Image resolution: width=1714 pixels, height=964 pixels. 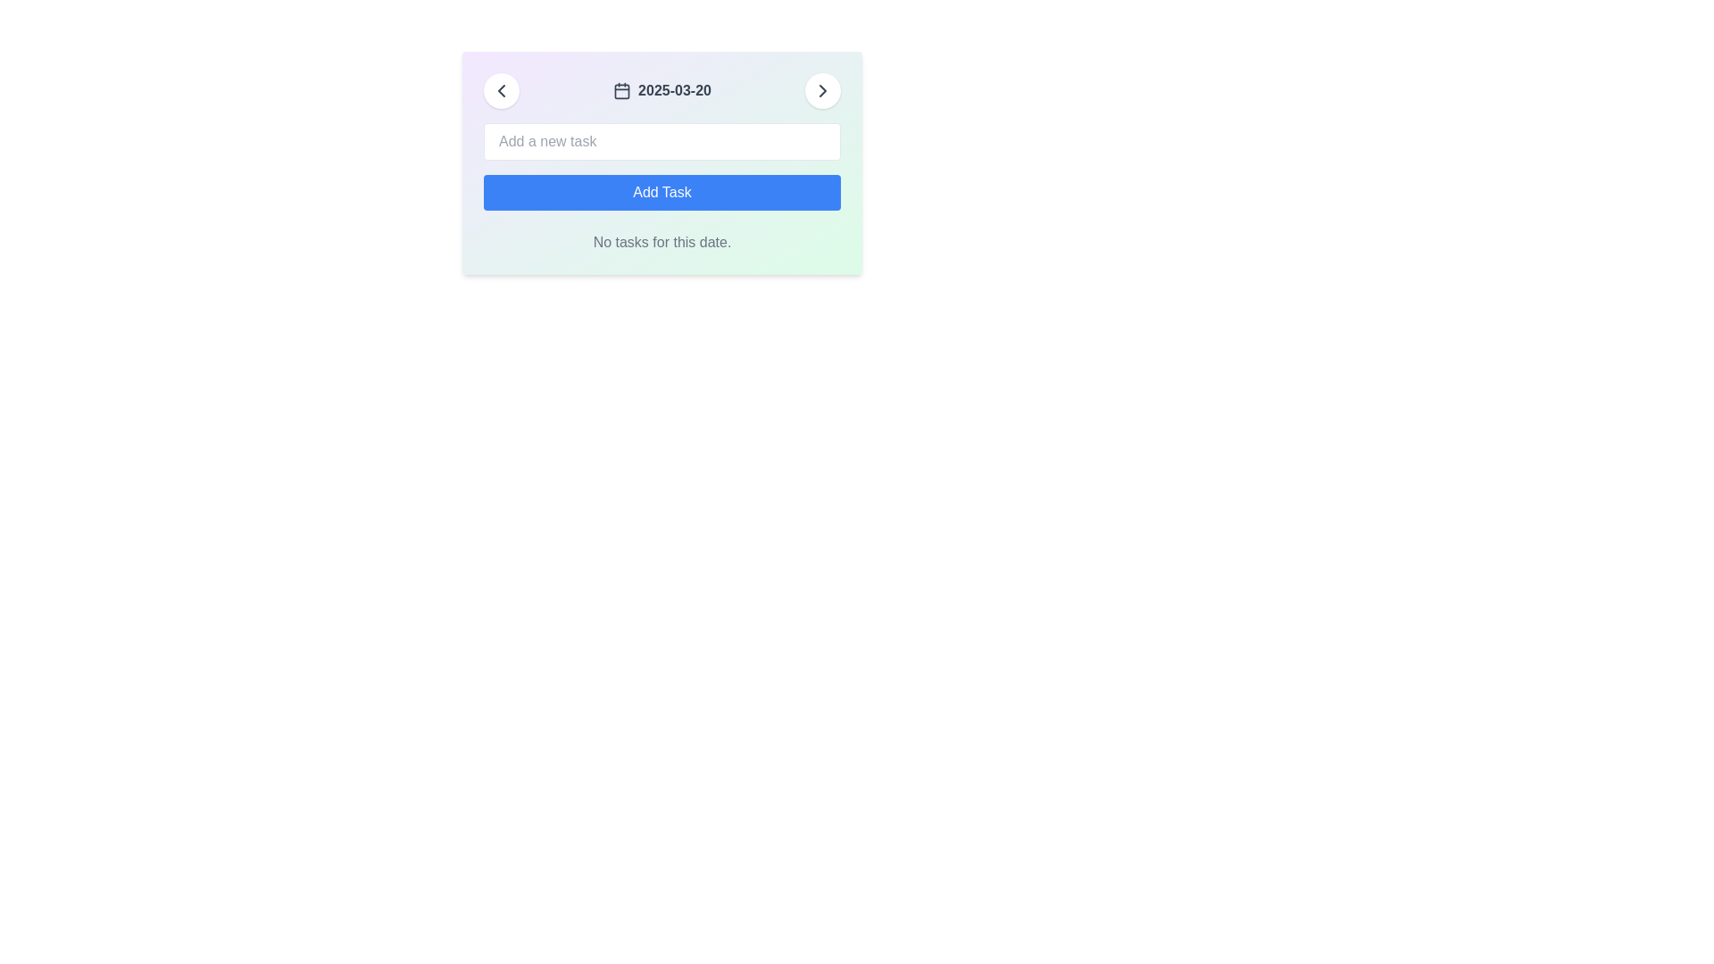 I want to click on the navigation button located at the top right corner of the main interface panel, so click(x=821, y=90).